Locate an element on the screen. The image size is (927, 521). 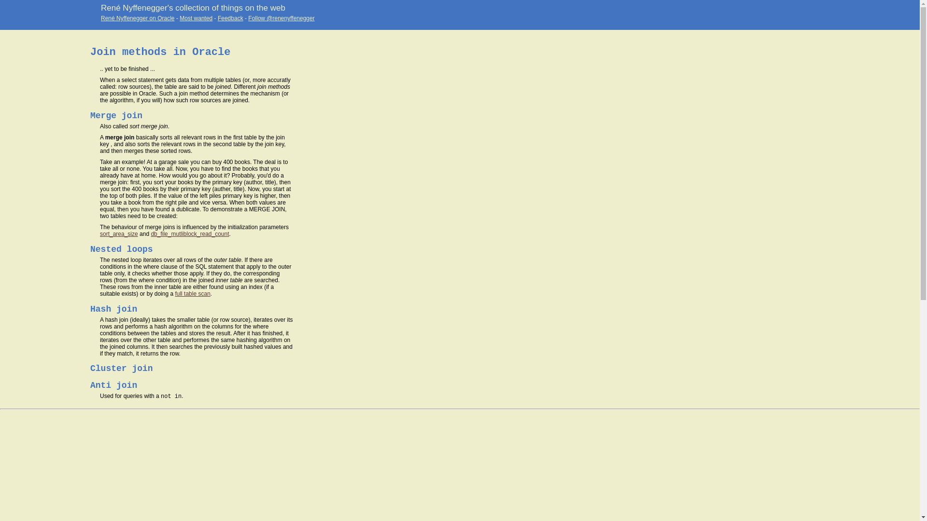
'db_file_mutliblock_read_count' is located at coordinates (190, 234).